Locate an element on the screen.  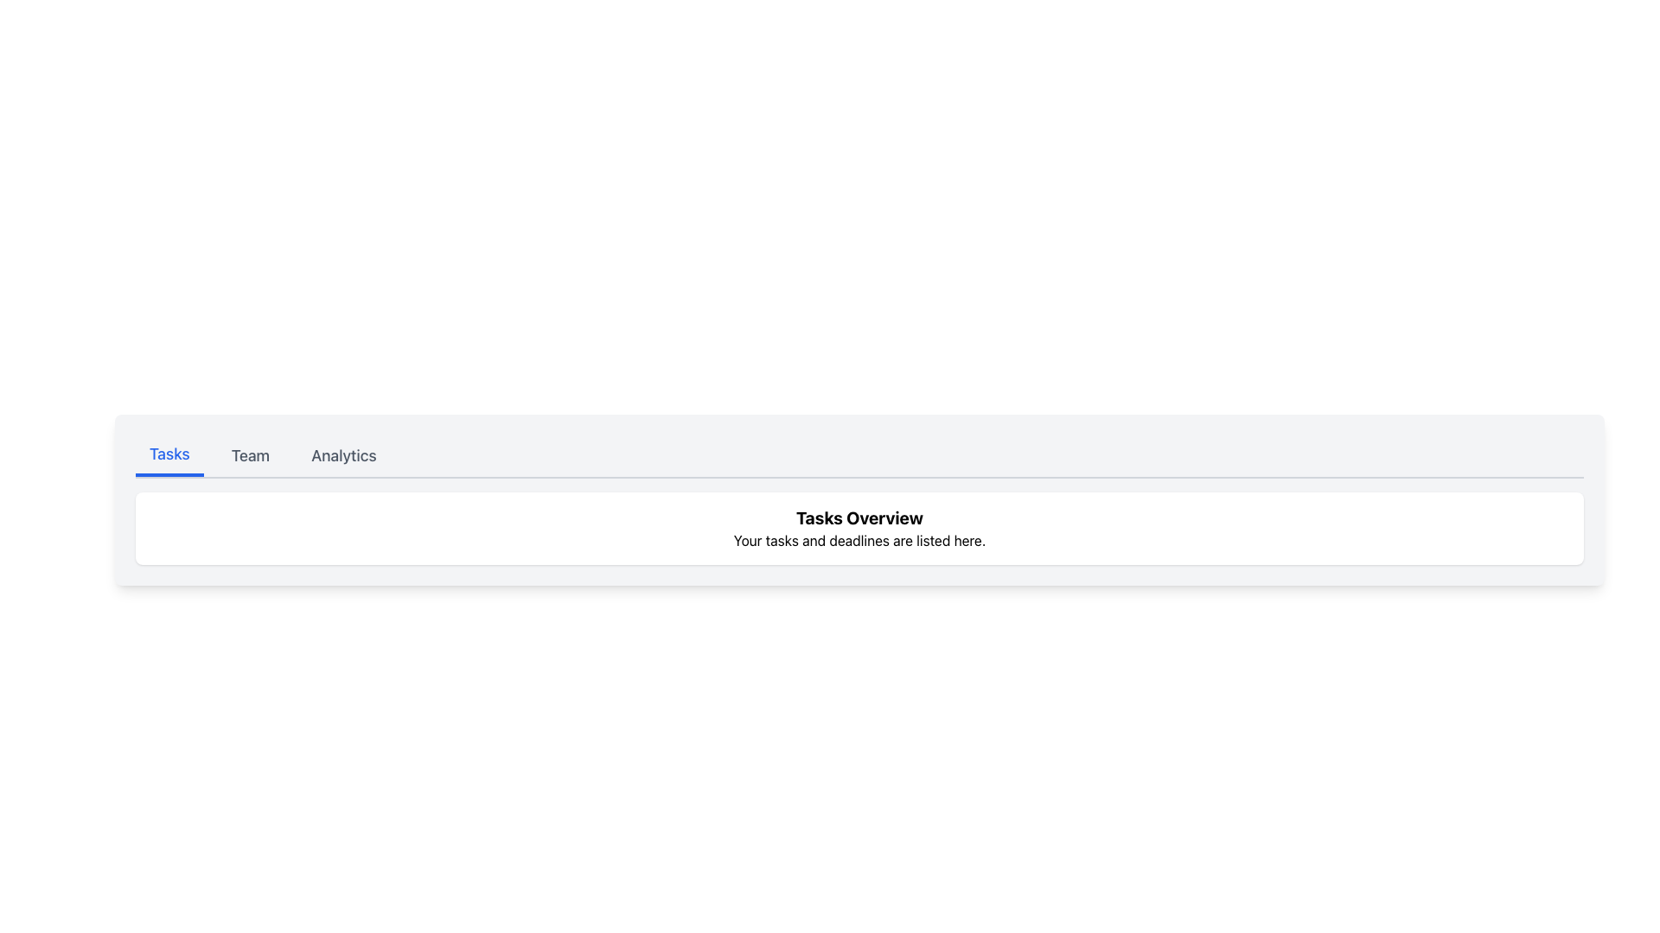
the 'Team' tab in the navigation bar is located at coordinates (249, 455).